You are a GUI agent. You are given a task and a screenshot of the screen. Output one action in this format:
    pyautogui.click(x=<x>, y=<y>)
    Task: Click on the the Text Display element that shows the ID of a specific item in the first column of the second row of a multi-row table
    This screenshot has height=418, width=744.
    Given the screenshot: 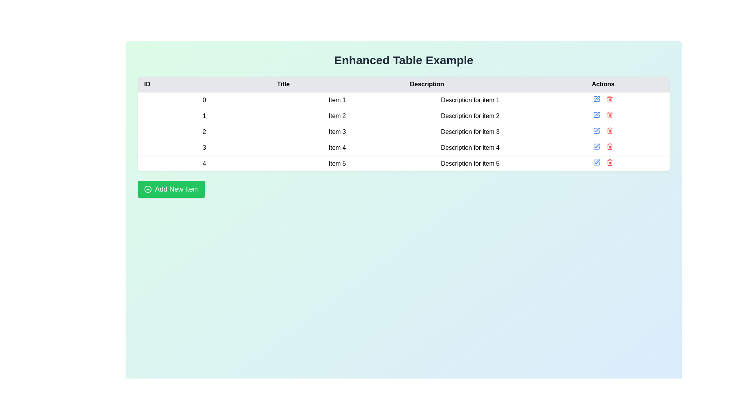 What is the action you would take?
    pyautogui.click(x=204, y=116)
    